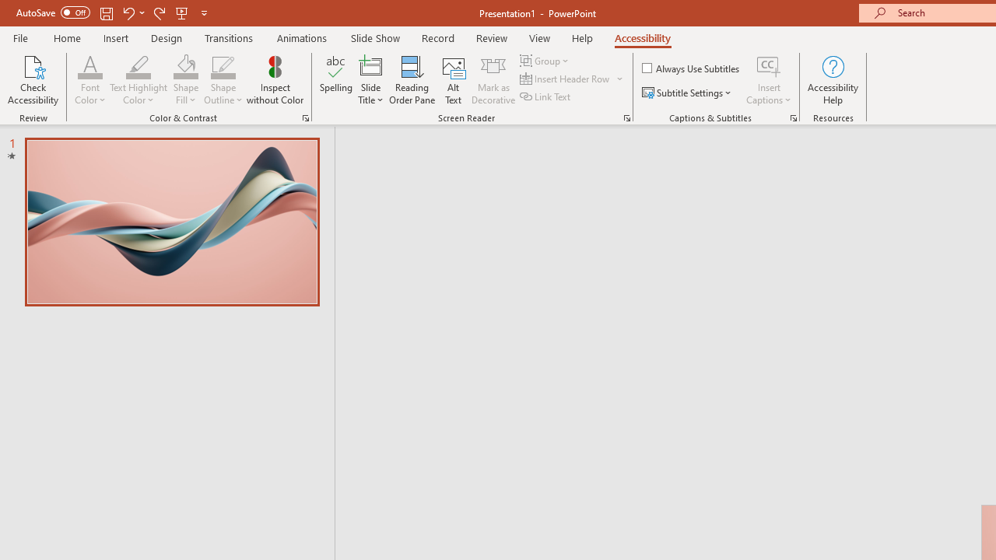 Image resolution: width=996 pixels, height=560 pixels. I want to click on 'Screen Reader', so click(626, 117).